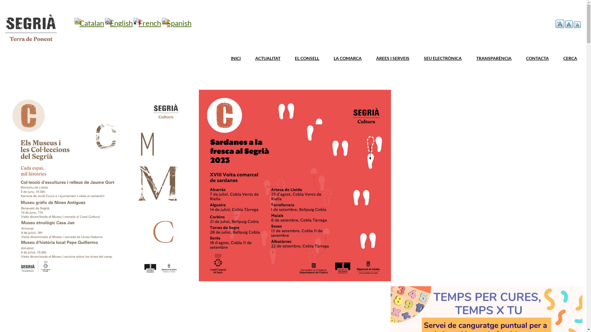 The height and width of the screenshot is (332, 591). What do you see at coordinates (267, 58) in the screenshot?
I see `'ACTUALITAT'` at bounding box center [267, 58].